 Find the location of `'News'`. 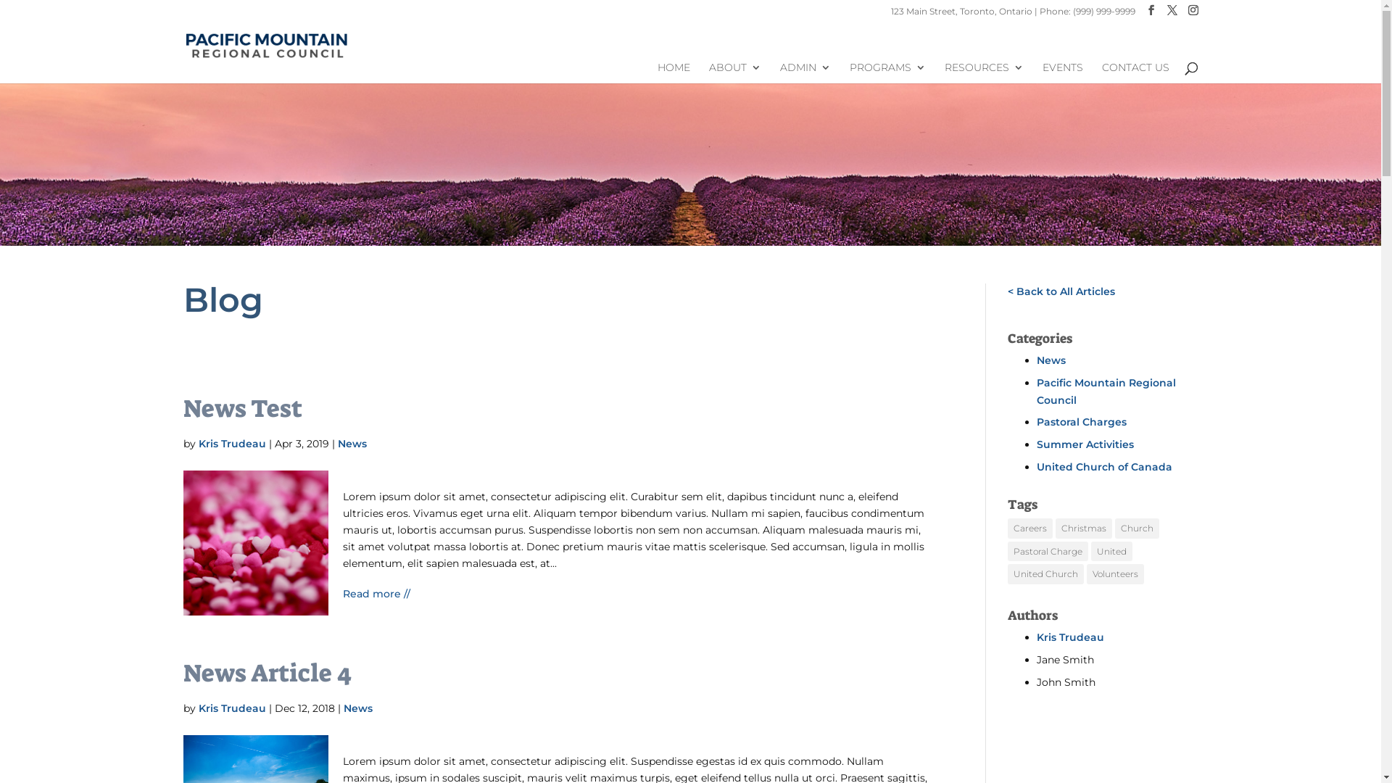

'News' is located at coordinates (336, 443).